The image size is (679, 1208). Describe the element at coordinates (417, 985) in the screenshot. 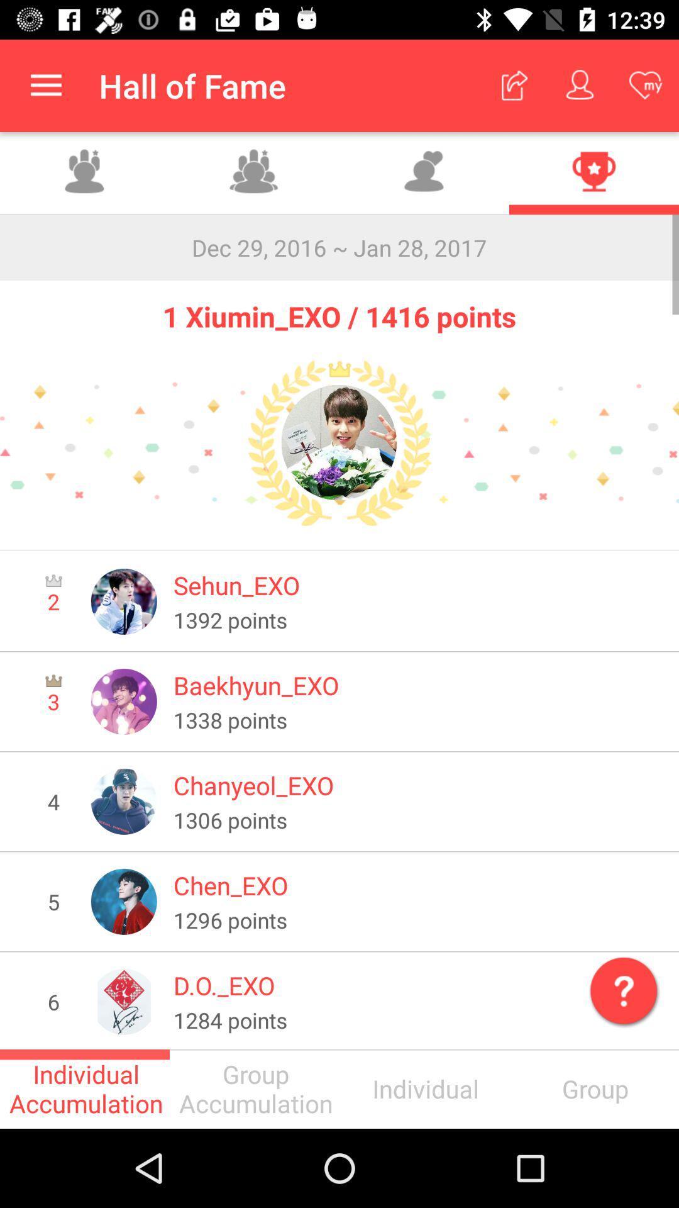

I see `d.o._exo item` at that location.